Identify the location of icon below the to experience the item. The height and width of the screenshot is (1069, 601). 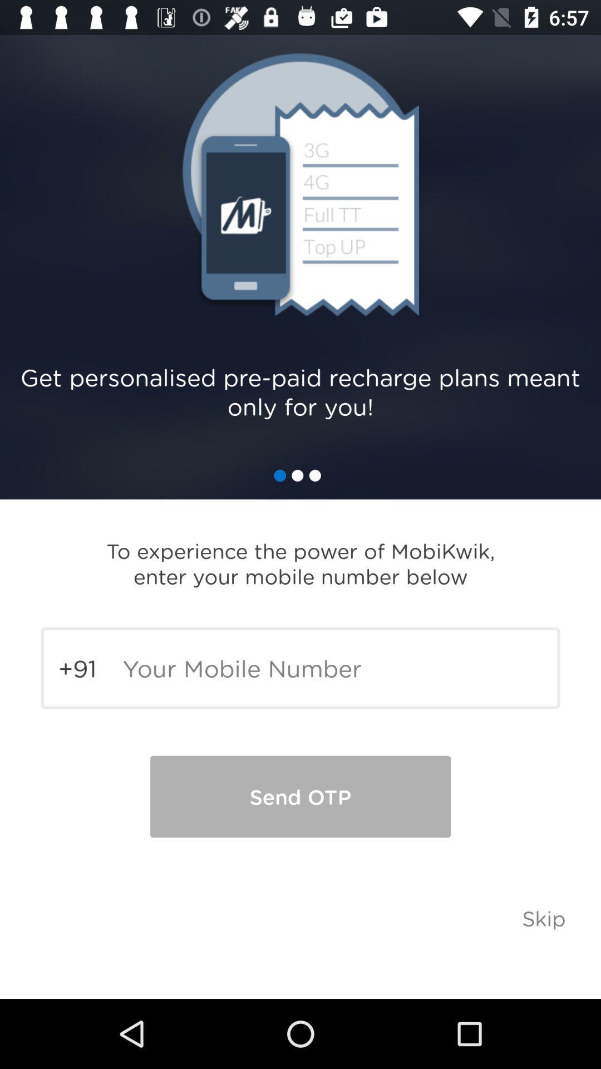
(300, 668).